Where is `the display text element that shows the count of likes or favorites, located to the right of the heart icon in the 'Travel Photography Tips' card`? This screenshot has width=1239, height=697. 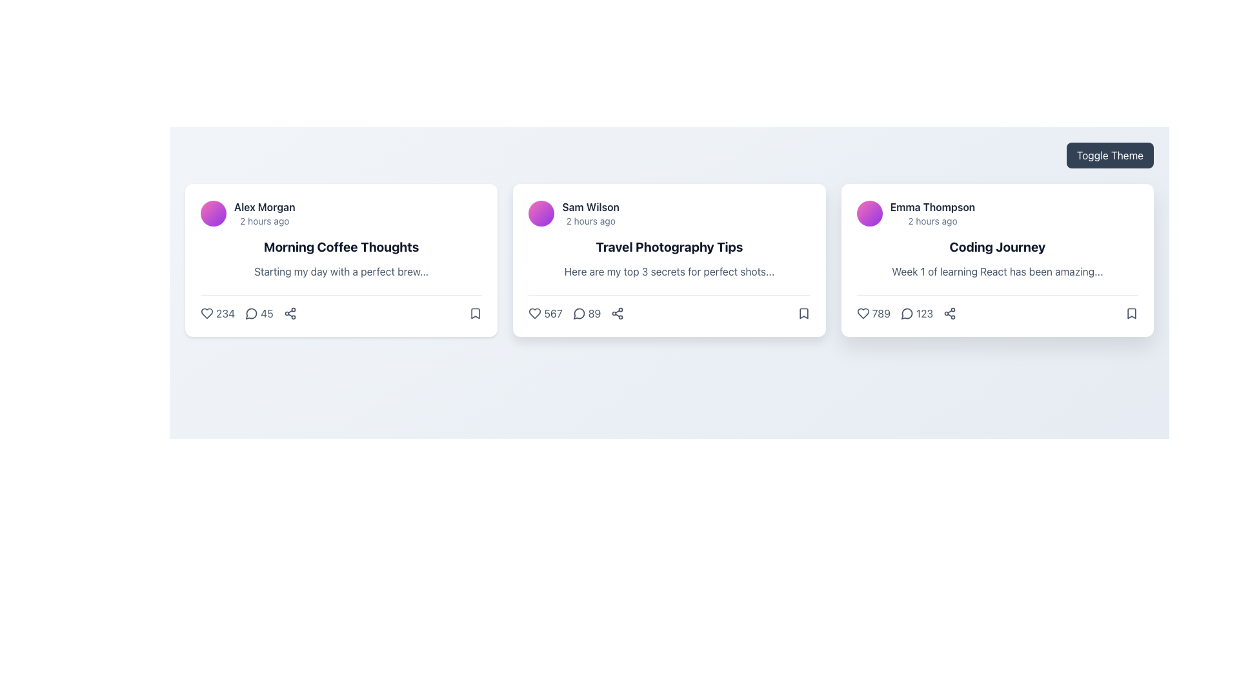
the display text element that shows the count of likes or favorites, located to the right of the heart icon in the 'Travel Photography Tips' card is located at coordinates (553, 314).